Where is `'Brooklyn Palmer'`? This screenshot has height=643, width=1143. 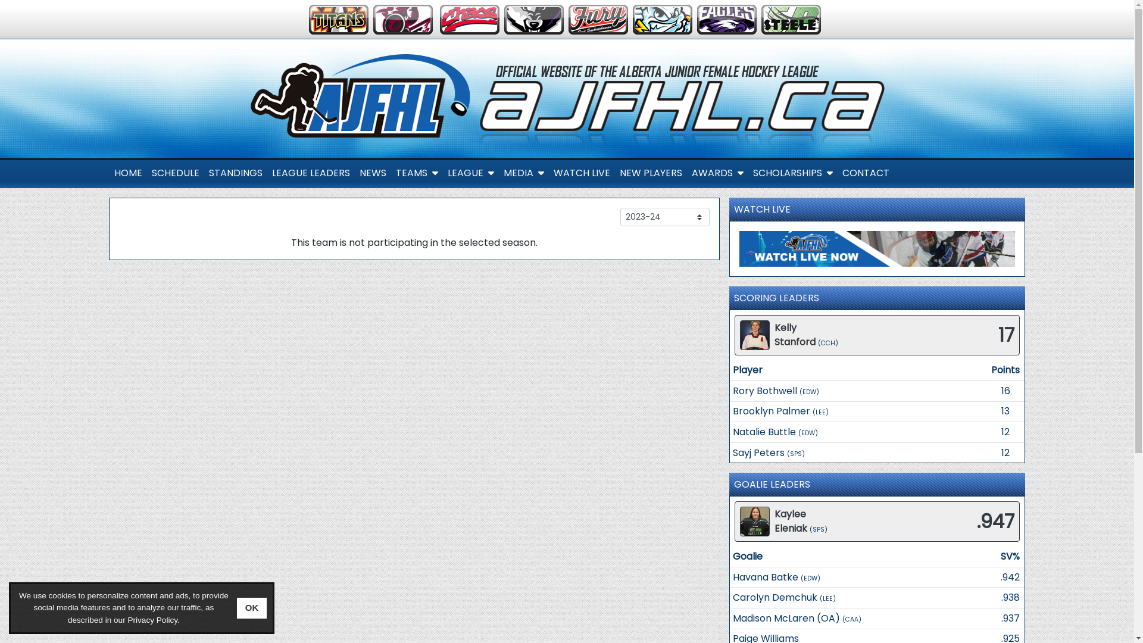 'Brooklyn Palmer' is located at coordinates (732, 410).